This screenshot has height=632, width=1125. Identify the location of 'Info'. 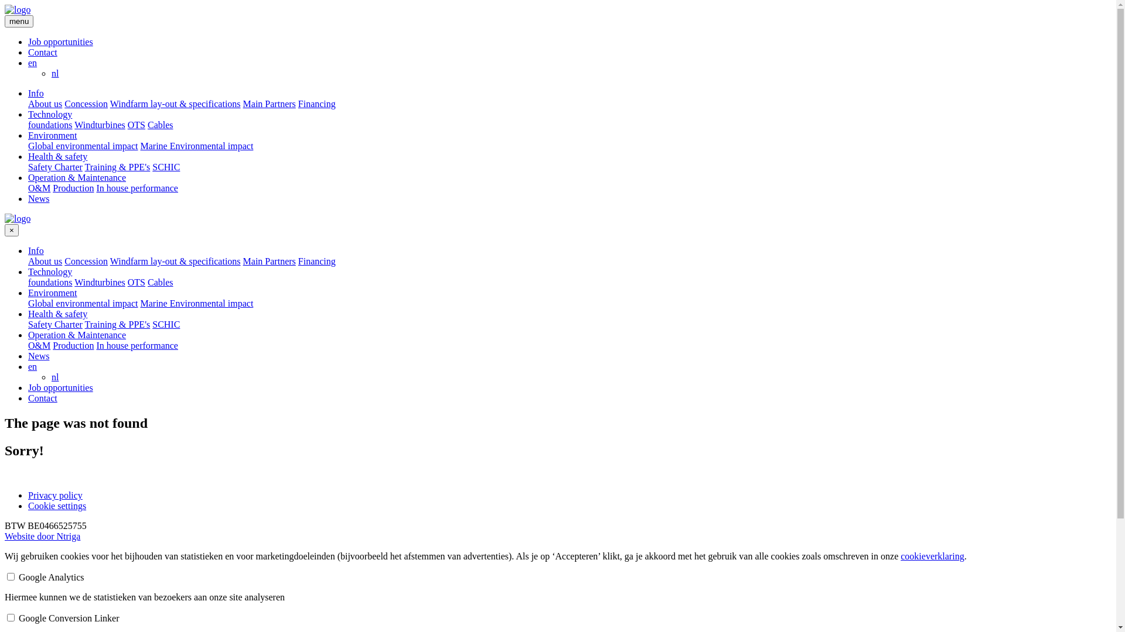
(36, 250).